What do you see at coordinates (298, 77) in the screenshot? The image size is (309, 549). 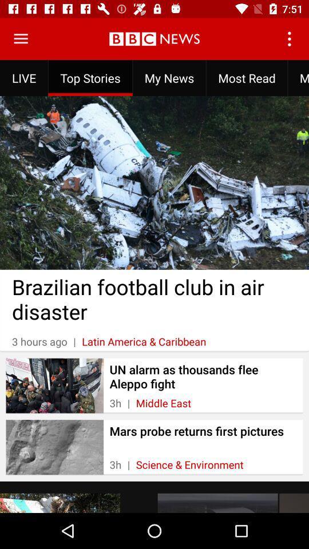 I see `icon to the right of the most read item` at bounding box center [298, 77].